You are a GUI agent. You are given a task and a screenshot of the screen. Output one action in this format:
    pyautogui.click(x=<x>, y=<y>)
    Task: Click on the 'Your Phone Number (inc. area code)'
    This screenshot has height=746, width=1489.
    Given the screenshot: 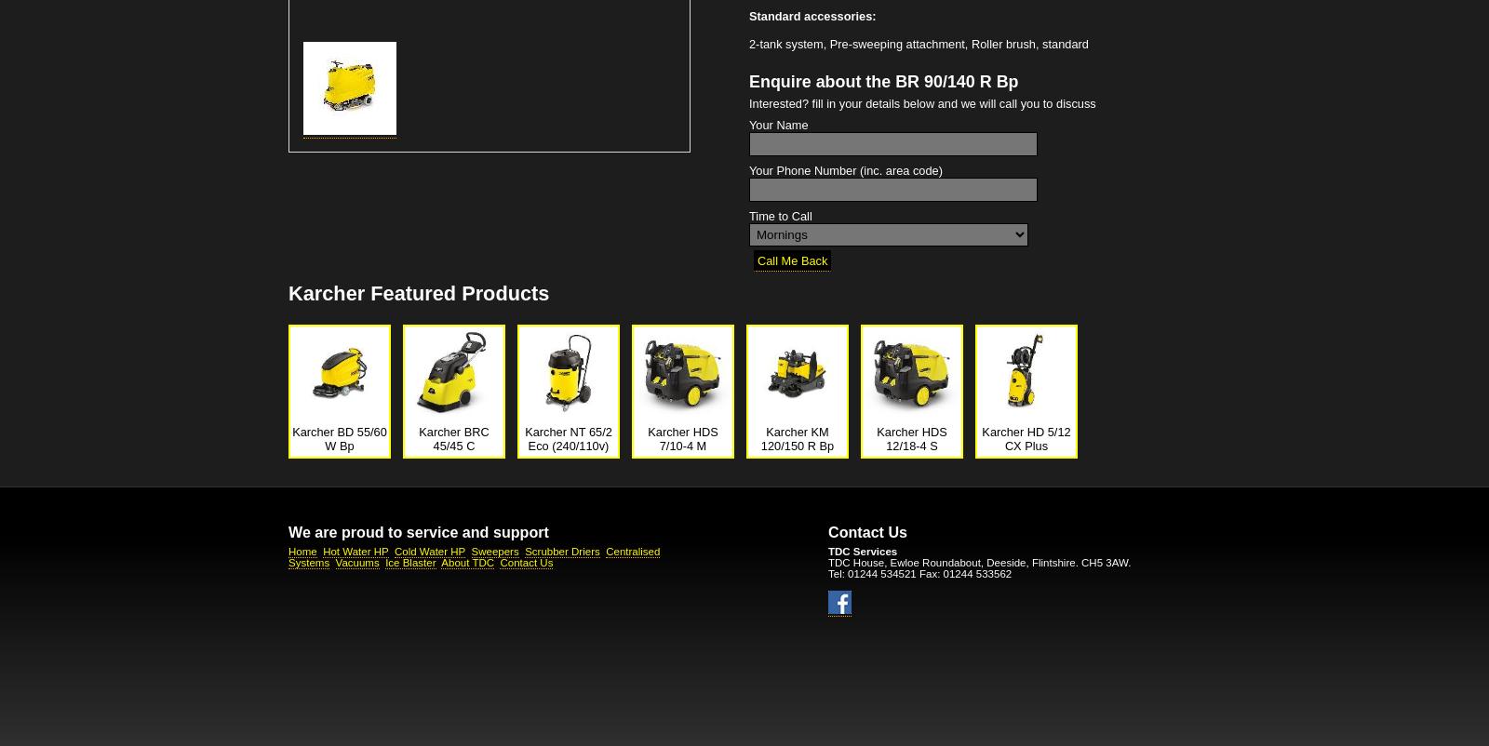 What is the action you would take?
    pyautogui.click(x=747, y=170)
    